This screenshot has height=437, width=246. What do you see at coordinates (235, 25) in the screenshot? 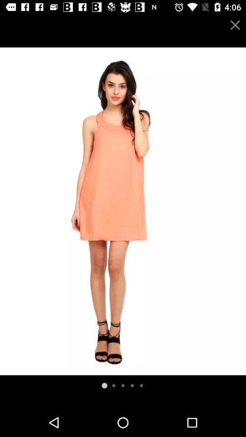
I see `the tab` at bounding box center [235, 25].